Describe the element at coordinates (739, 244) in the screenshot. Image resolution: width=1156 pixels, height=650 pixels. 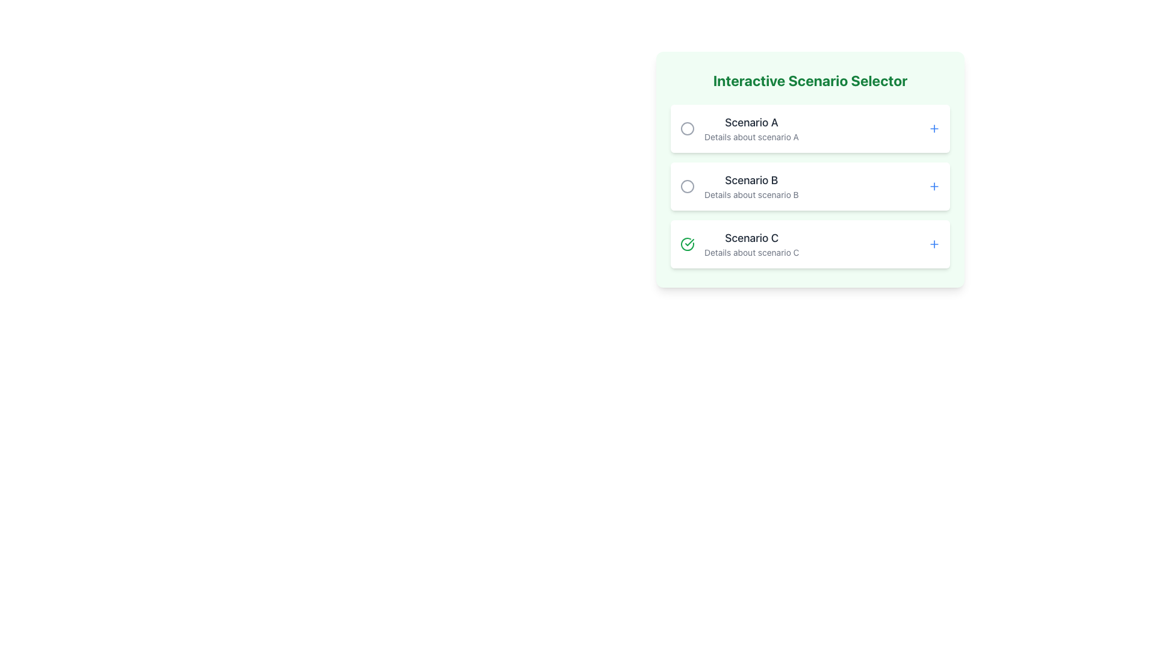
I see `the description of the selectable list item labeled 'Scenario C'` at that location.